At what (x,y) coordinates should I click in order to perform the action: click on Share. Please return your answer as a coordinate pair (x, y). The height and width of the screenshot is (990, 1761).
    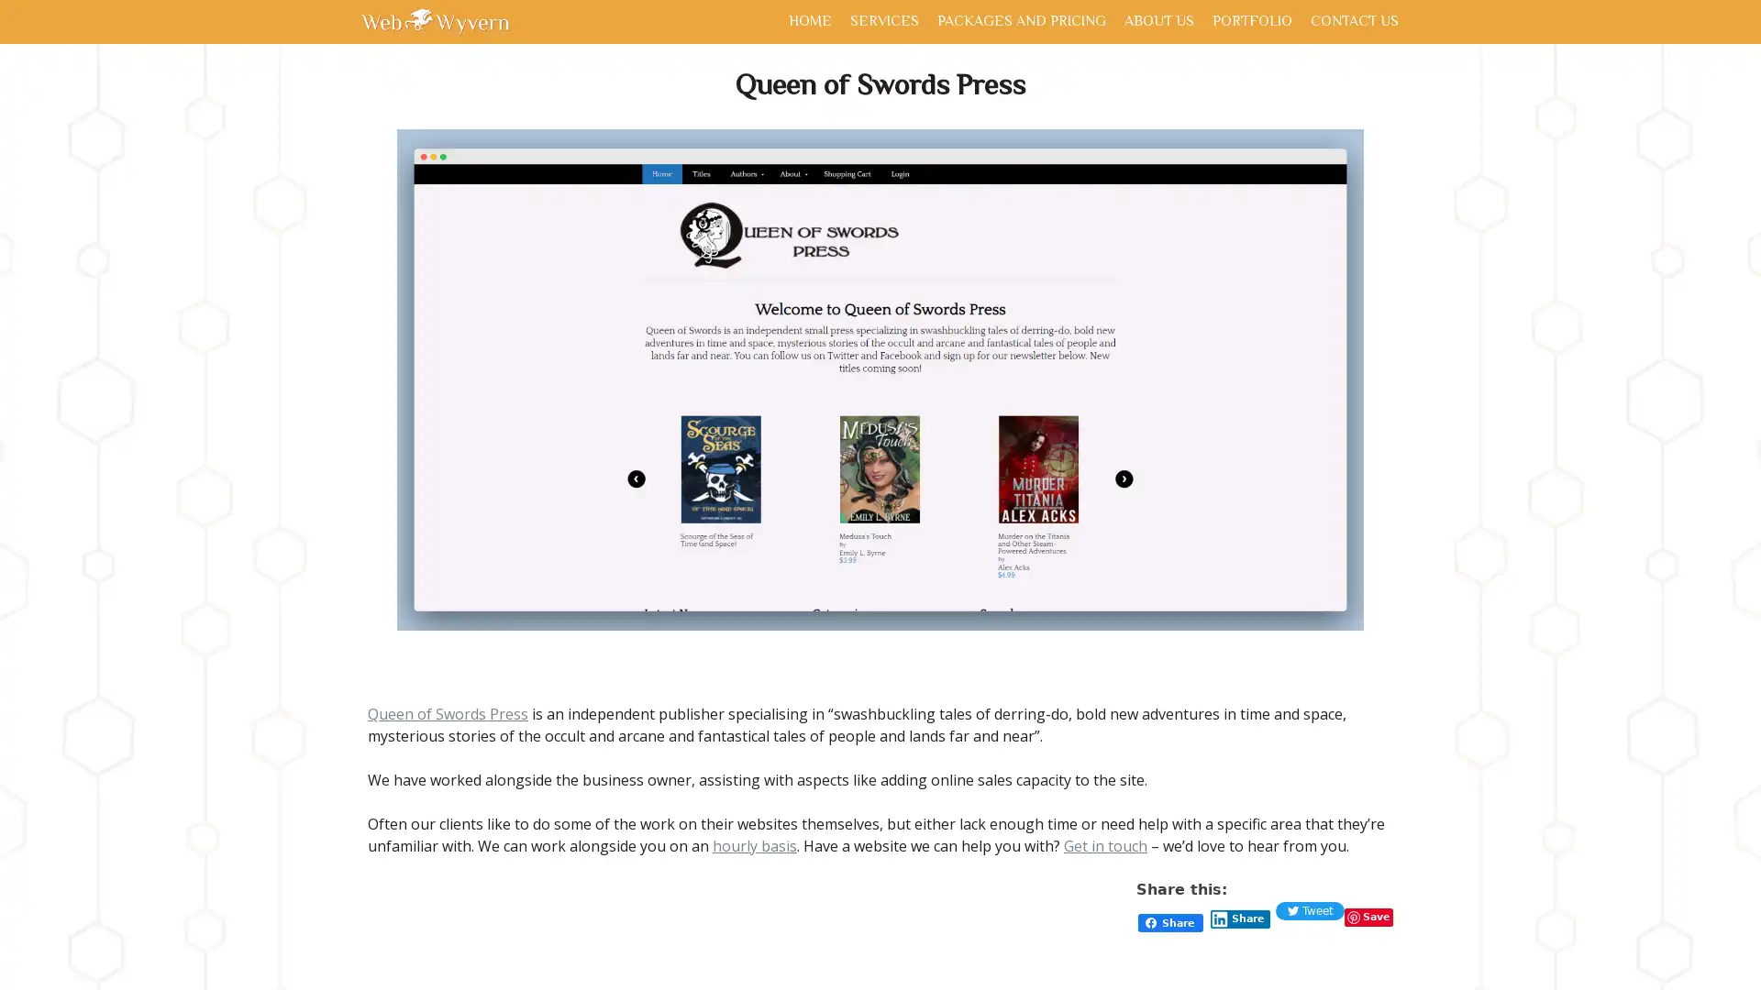
    Looking at the image, I should click on (1240, 918).